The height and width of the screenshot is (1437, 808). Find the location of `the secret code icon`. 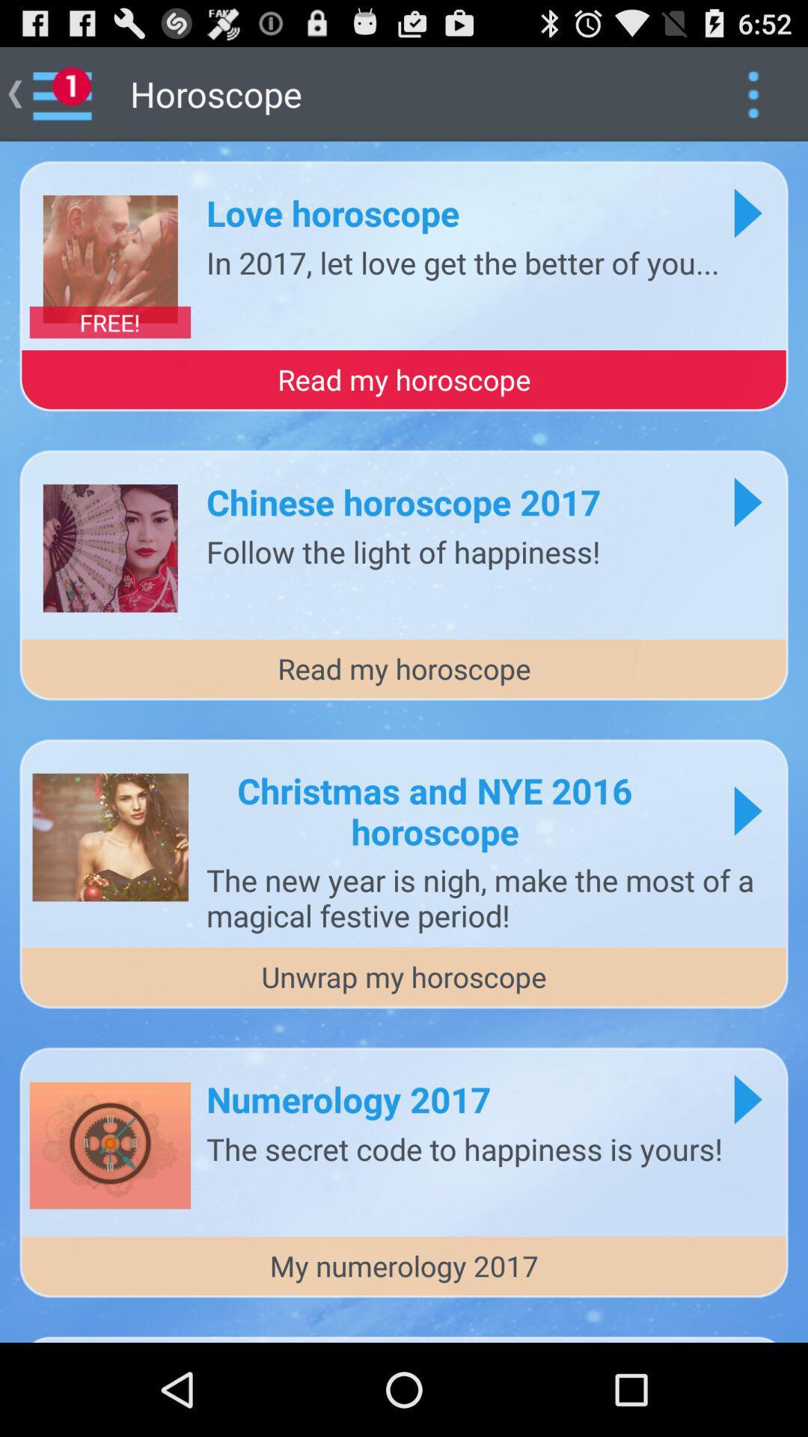

the secret code icon is located at coordinates (464, 1147).